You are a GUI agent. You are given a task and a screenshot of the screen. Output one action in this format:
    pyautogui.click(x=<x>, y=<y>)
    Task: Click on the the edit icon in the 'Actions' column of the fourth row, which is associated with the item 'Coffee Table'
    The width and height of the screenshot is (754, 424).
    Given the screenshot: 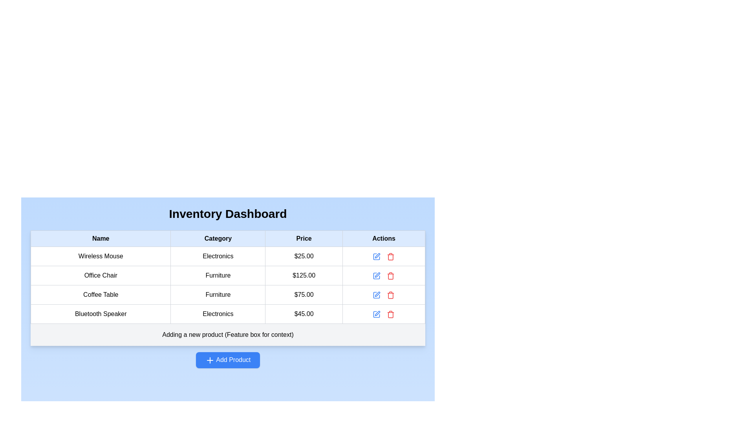 What is the action you would take?
    pyautogui.click(x=377, y=294)
    